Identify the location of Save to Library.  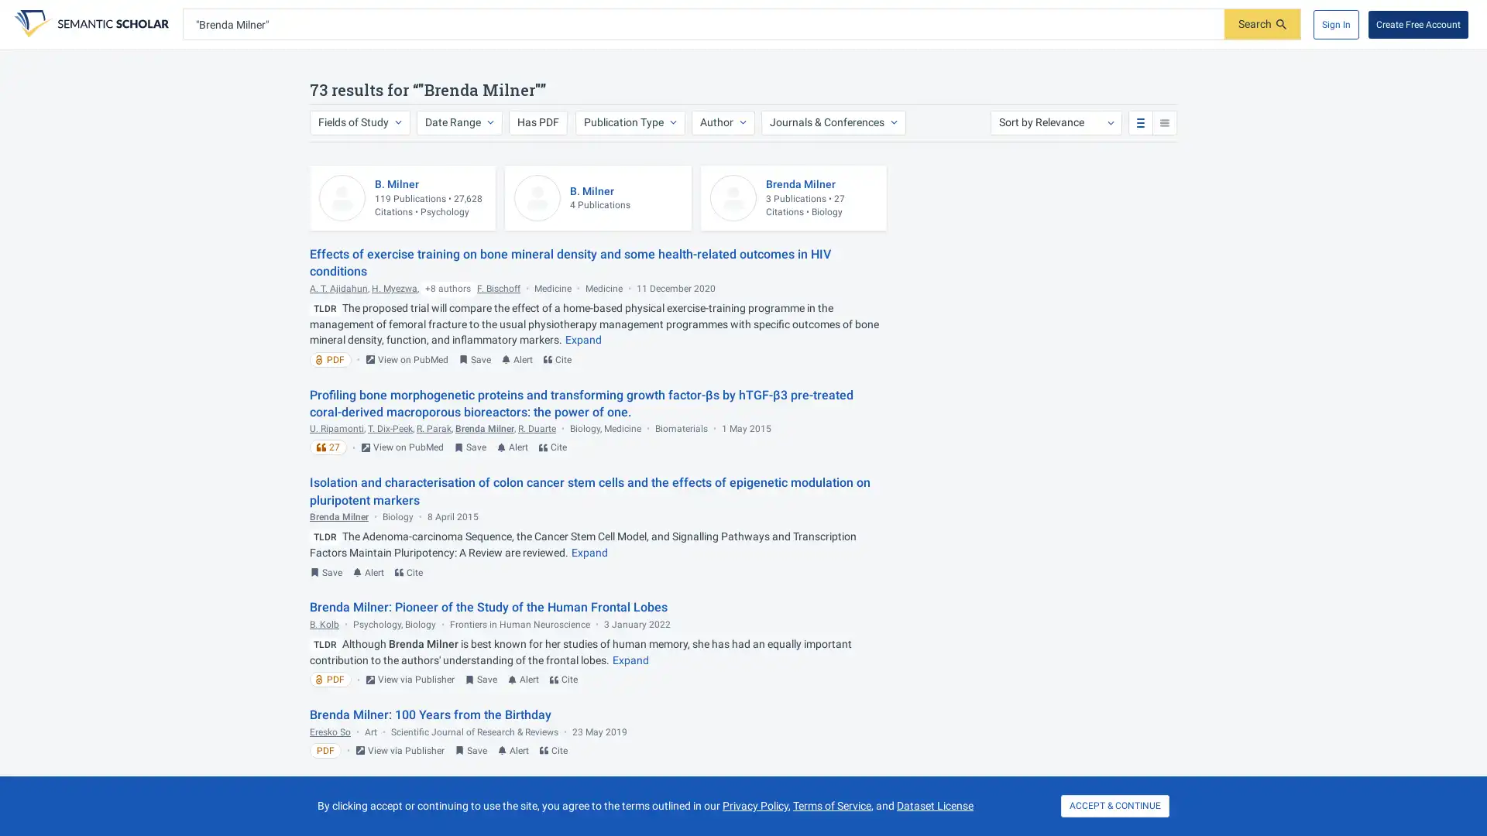
(474, 359).